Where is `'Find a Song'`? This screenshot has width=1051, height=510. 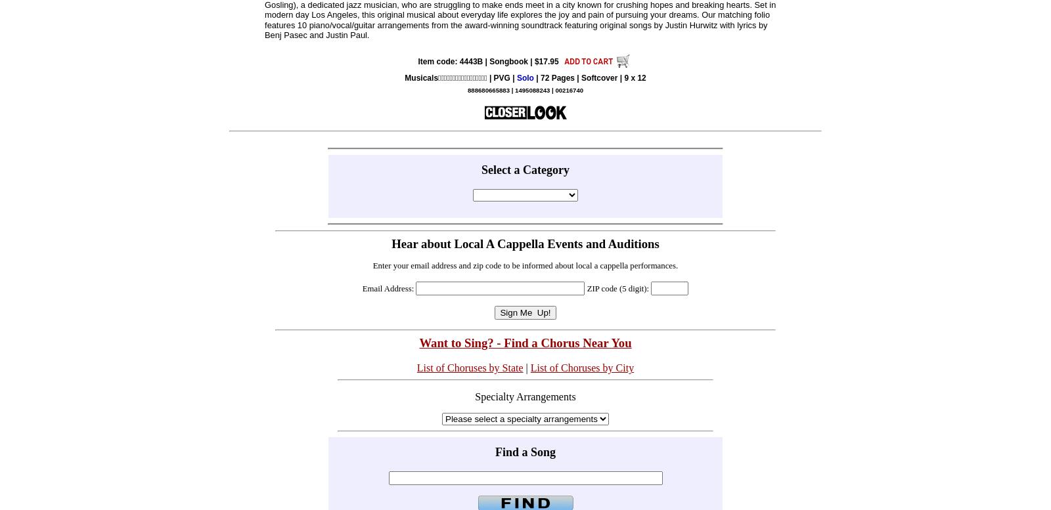
'Find a Song' is located at coordinates (525, 452).